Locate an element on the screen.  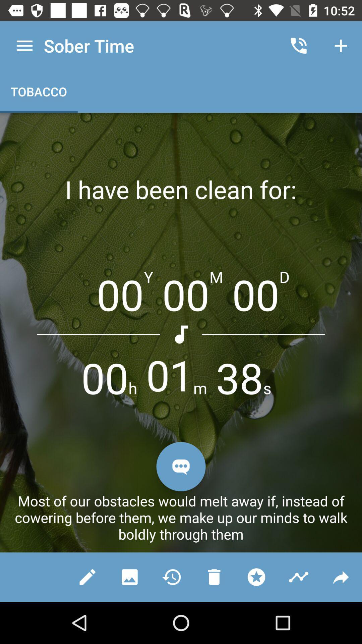
the icon next to the   sober time icon is located at coordinates (24, 45).